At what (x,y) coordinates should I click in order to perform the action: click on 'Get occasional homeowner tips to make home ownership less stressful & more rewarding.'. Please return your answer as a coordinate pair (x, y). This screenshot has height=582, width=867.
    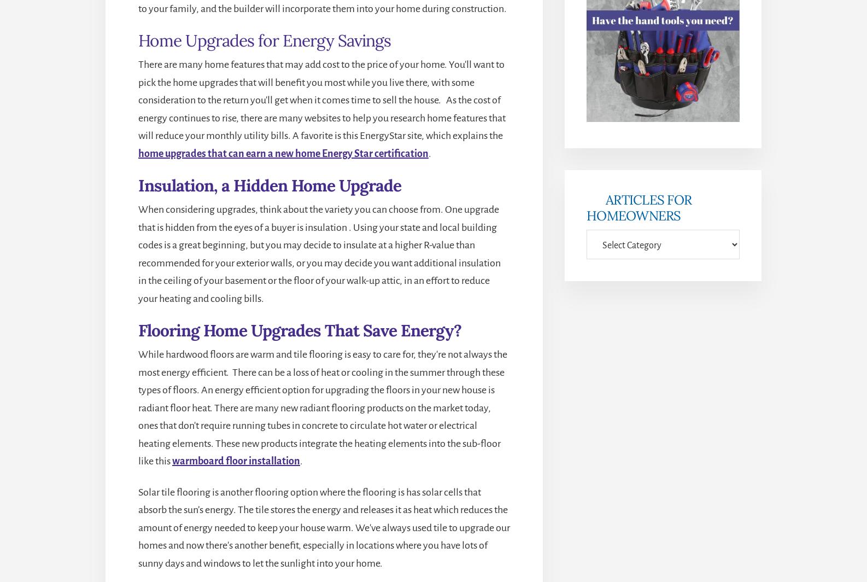
    Looking at the image, I should click on (593, 167).